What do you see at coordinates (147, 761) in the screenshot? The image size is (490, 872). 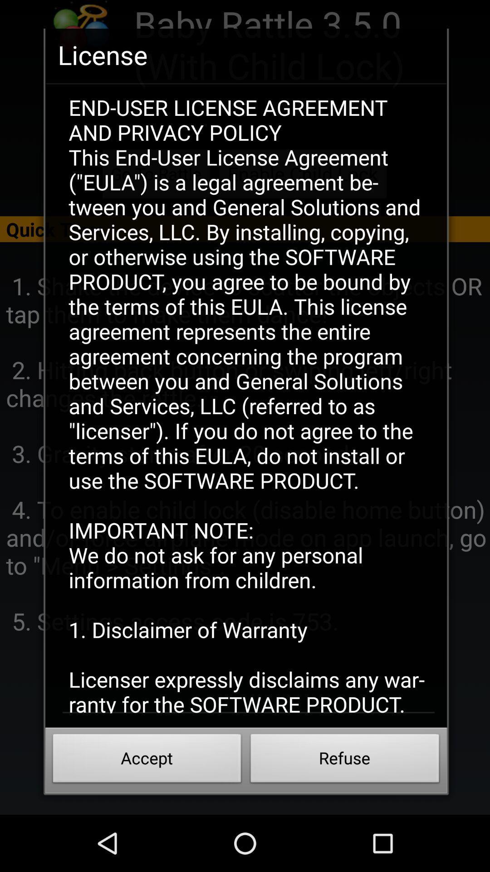 I see `item next to the refuse button` at bounding box center [147, 761].